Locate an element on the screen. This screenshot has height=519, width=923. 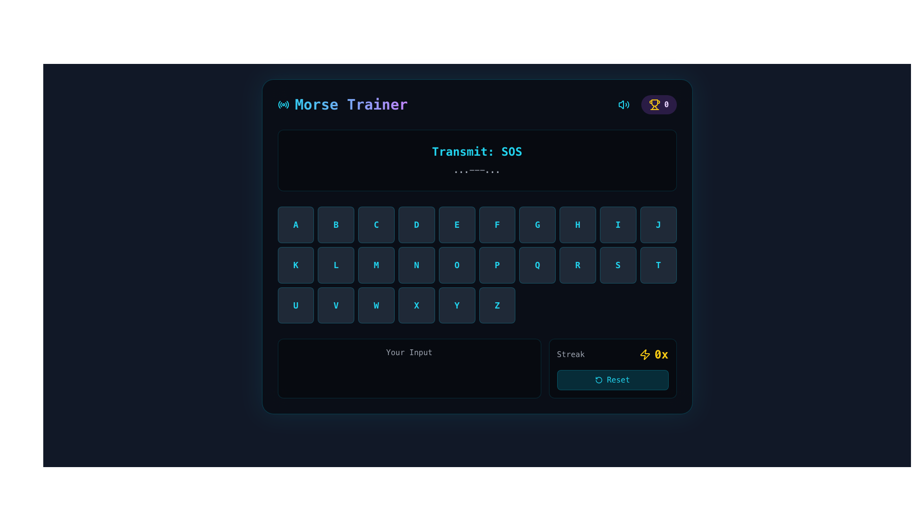
the button representing the letter 'S' in the alphabet grid, located in the fifth row and fifth column is located at coordinates (618, 265).